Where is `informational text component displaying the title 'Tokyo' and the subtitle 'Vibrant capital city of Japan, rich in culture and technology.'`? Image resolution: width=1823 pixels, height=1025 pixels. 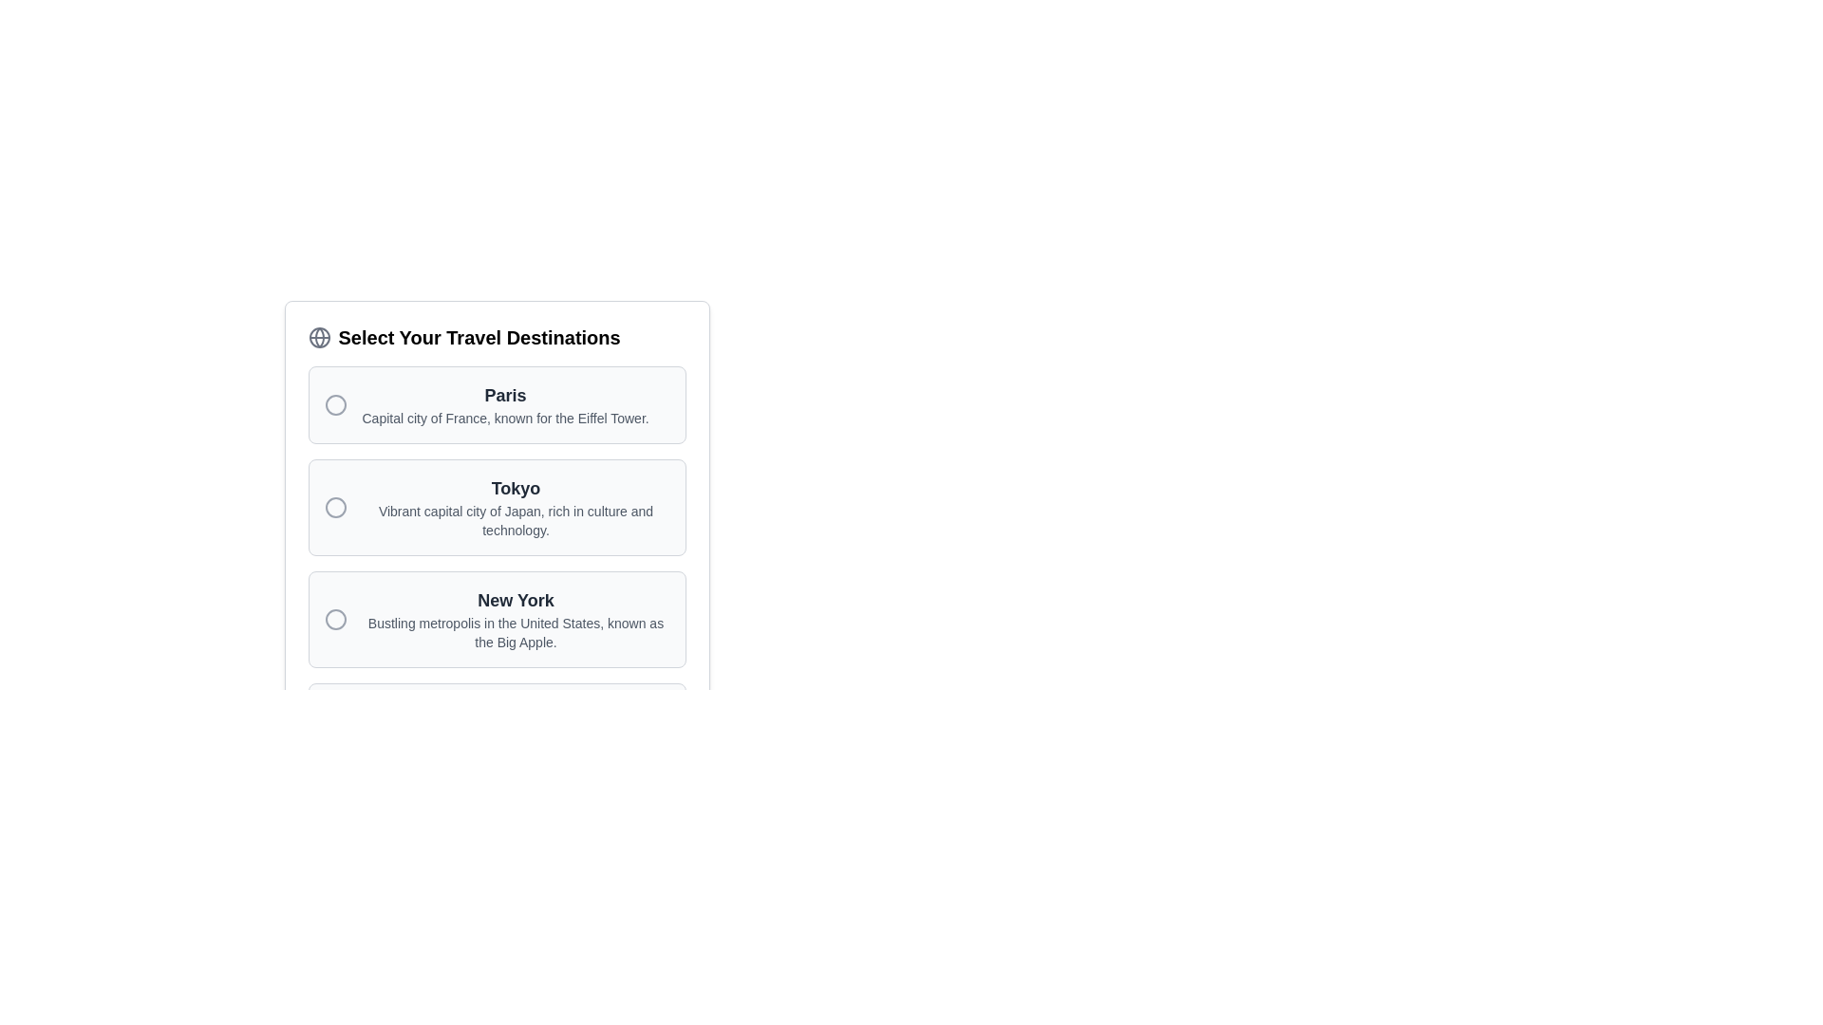
informational text component displaying the title 'Tokyo' and the subtitle 'Vibrant capital city of Japan, rich in culture and technology.' is located at coordinates (516, 507).